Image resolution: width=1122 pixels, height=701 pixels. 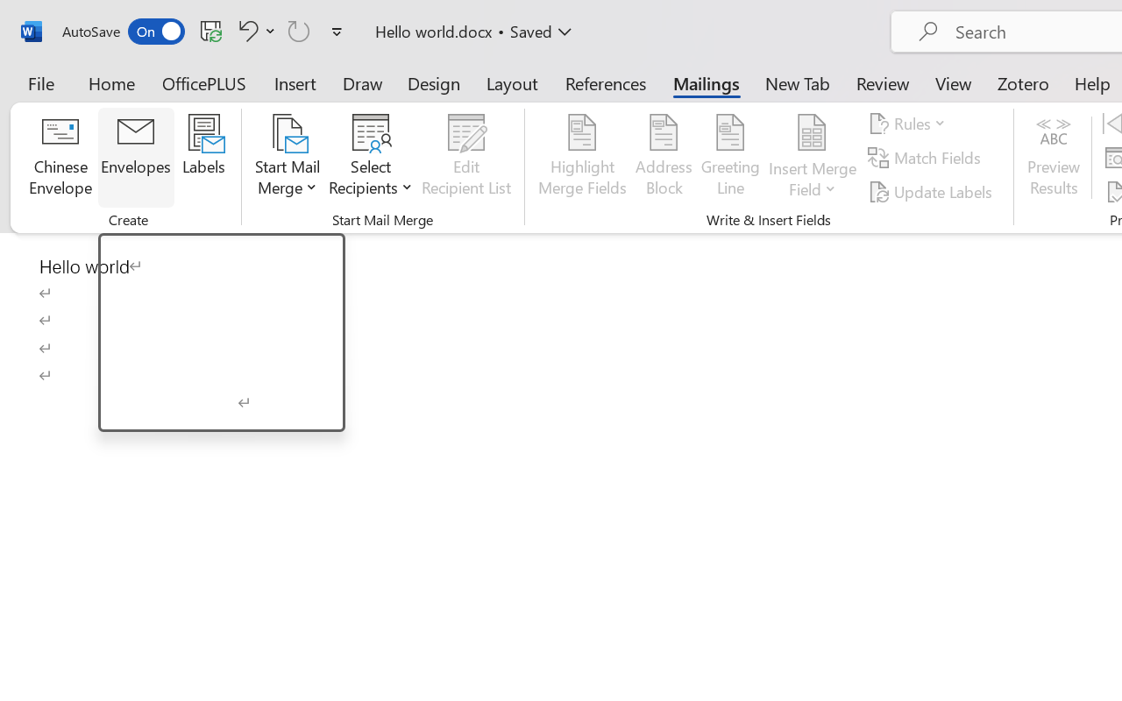 I want to click on 'Design', so click(x=434, y=82).